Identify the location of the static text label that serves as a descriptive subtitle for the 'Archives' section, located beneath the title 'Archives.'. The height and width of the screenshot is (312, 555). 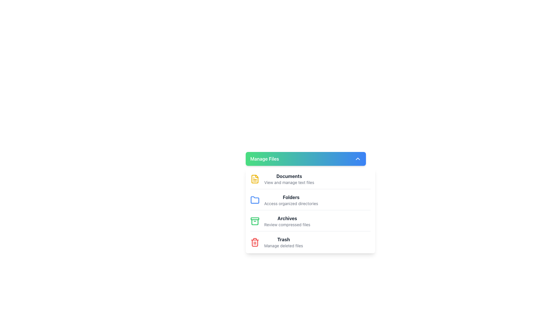
(287, 224).